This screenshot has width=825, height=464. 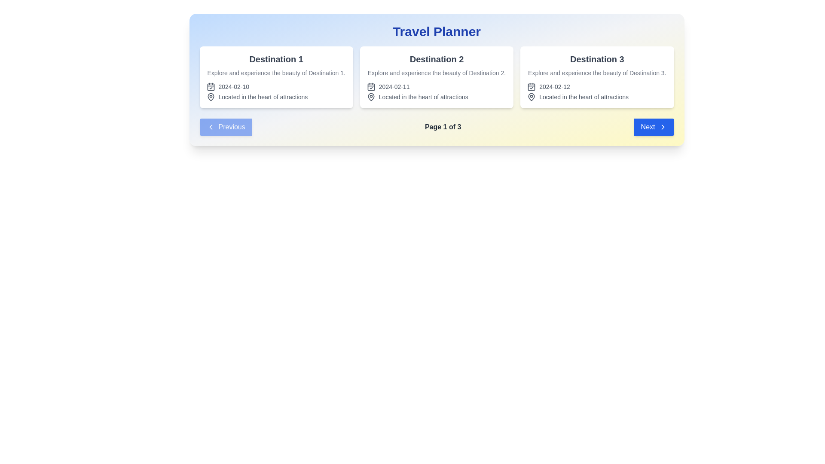 What do you see at coordinates (596, 97) in the screenshot?
I see `the text with accompanying icon providing location information for 'Destination 3', positioned below the date '2024-02-12'` at bounding box center [596, 97].